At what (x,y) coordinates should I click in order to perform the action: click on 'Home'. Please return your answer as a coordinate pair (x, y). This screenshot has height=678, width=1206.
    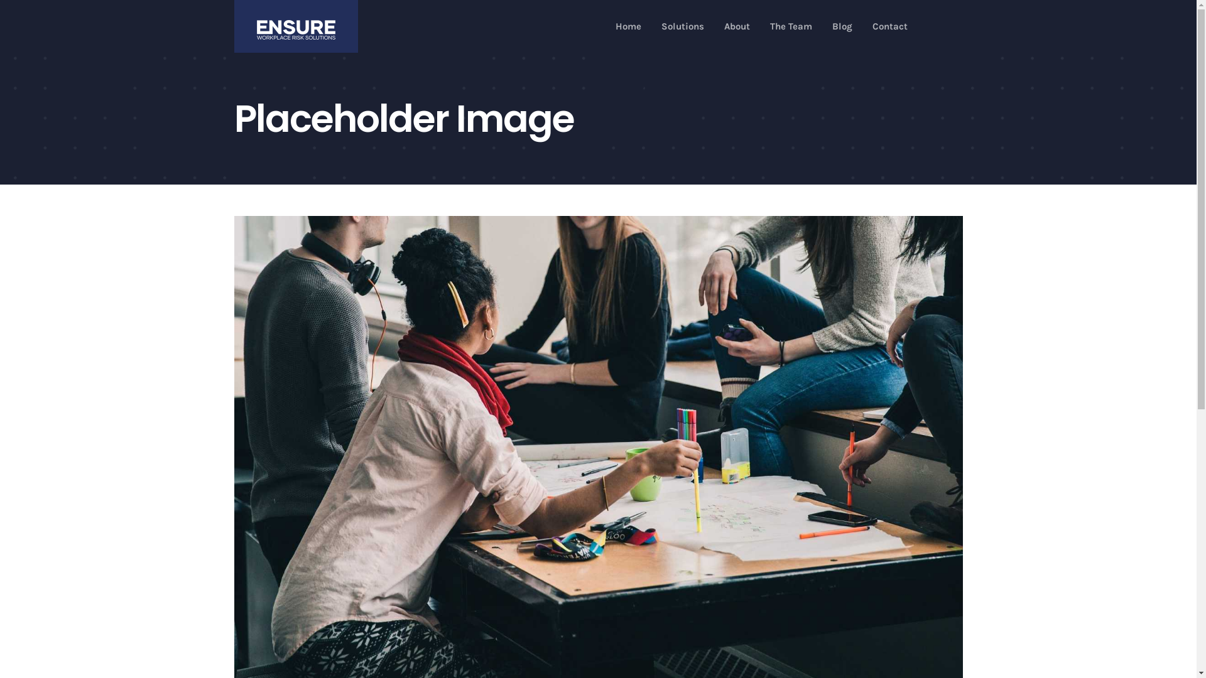
    Looking at the image, I should click on (628, 26).